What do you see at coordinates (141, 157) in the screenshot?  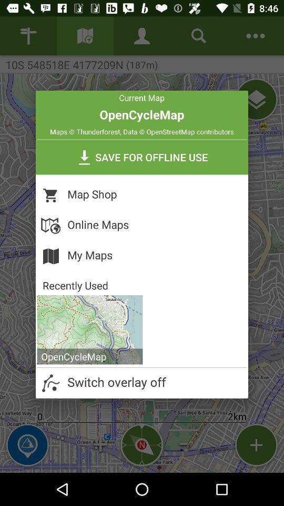 I see `save for offline` at bounding box center [141, 157].